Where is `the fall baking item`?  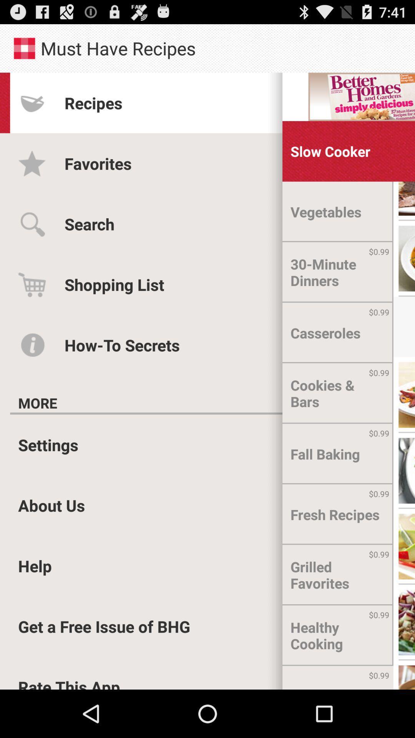 the fall baking item is located at coordinates (325, 454).